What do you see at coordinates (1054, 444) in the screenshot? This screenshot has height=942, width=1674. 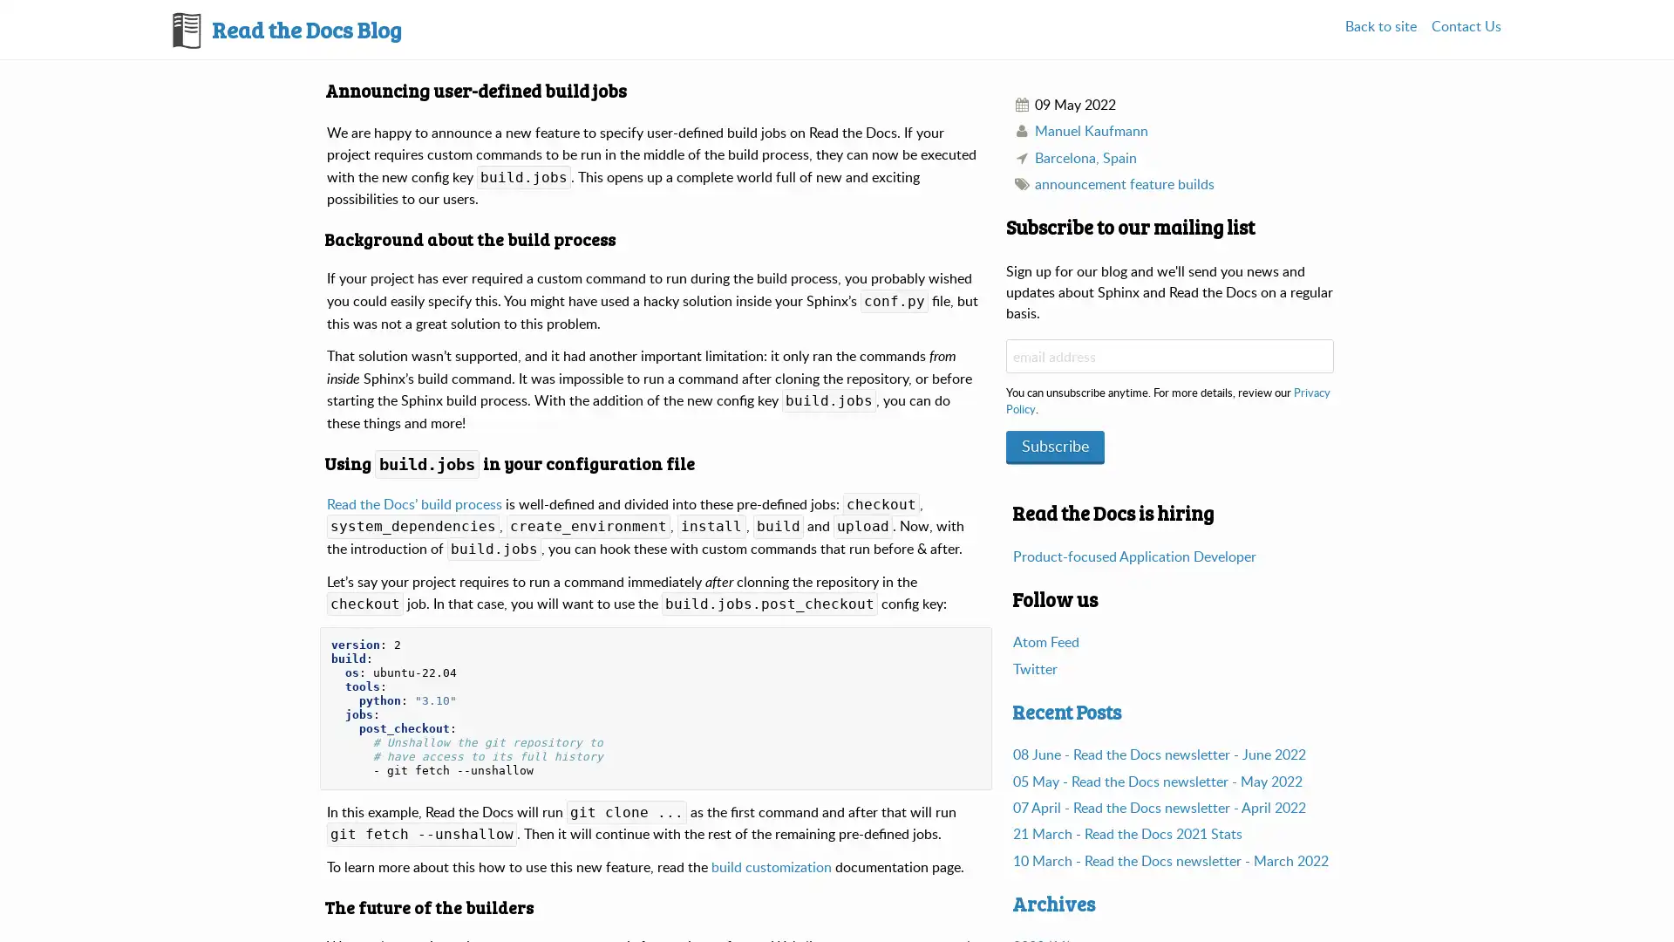 I see `Subscribe` at bounding box center [1054, 444].